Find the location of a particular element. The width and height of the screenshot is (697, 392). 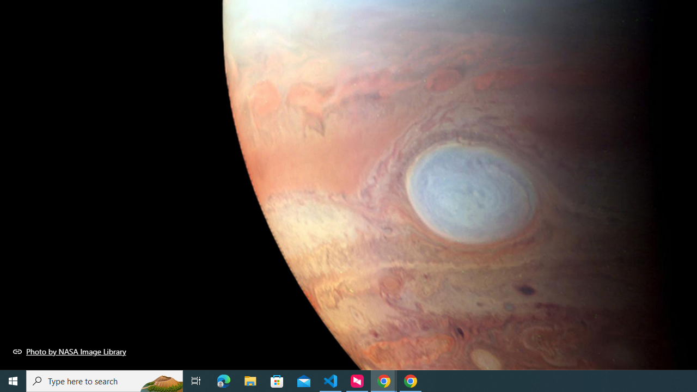

'Photo by NASA Image Library' is located at coordinates (69, 351).